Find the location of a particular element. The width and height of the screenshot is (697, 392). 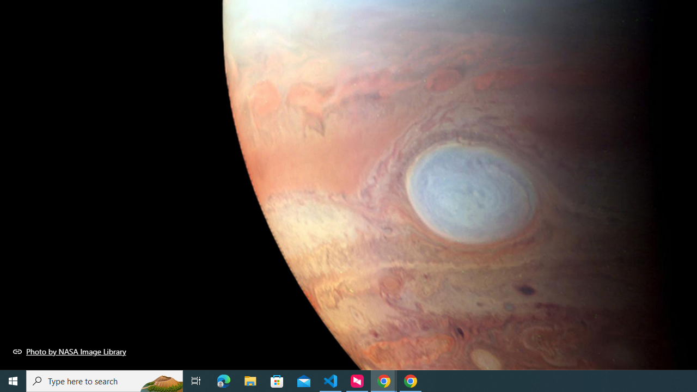

'Photo by NASA Image Library' is located at coordinates (69, 351).